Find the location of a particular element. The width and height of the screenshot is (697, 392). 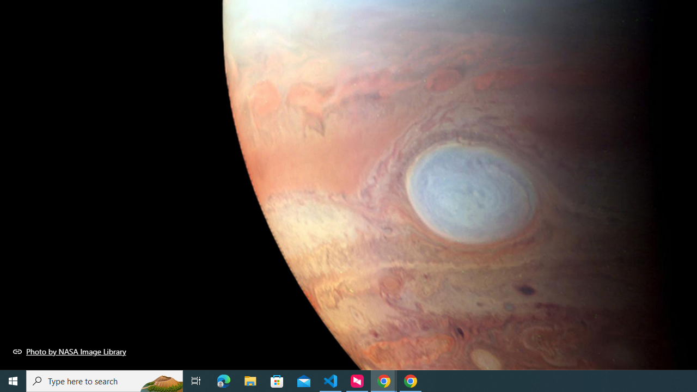

'Photo by NASA Image Library' is located at coordinates (69, 351).